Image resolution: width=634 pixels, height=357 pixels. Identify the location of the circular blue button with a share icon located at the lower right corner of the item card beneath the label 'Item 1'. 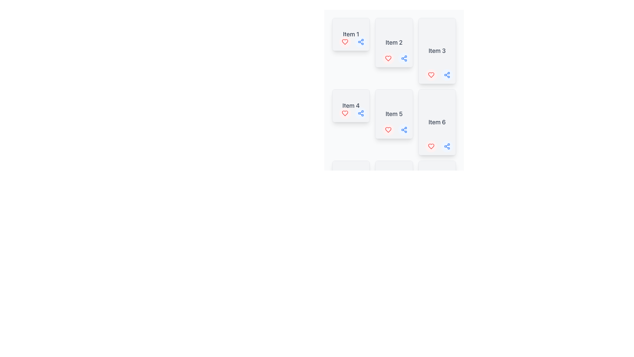
(361, 42).